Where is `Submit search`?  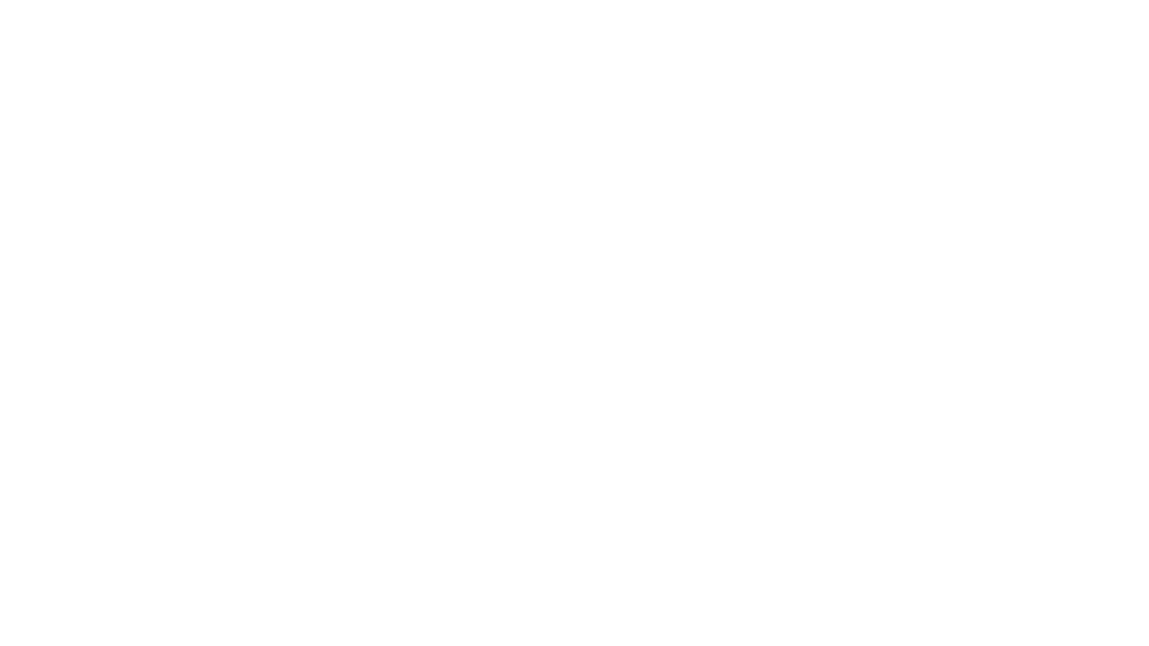
Submit search is located at coordinates (884, 11).